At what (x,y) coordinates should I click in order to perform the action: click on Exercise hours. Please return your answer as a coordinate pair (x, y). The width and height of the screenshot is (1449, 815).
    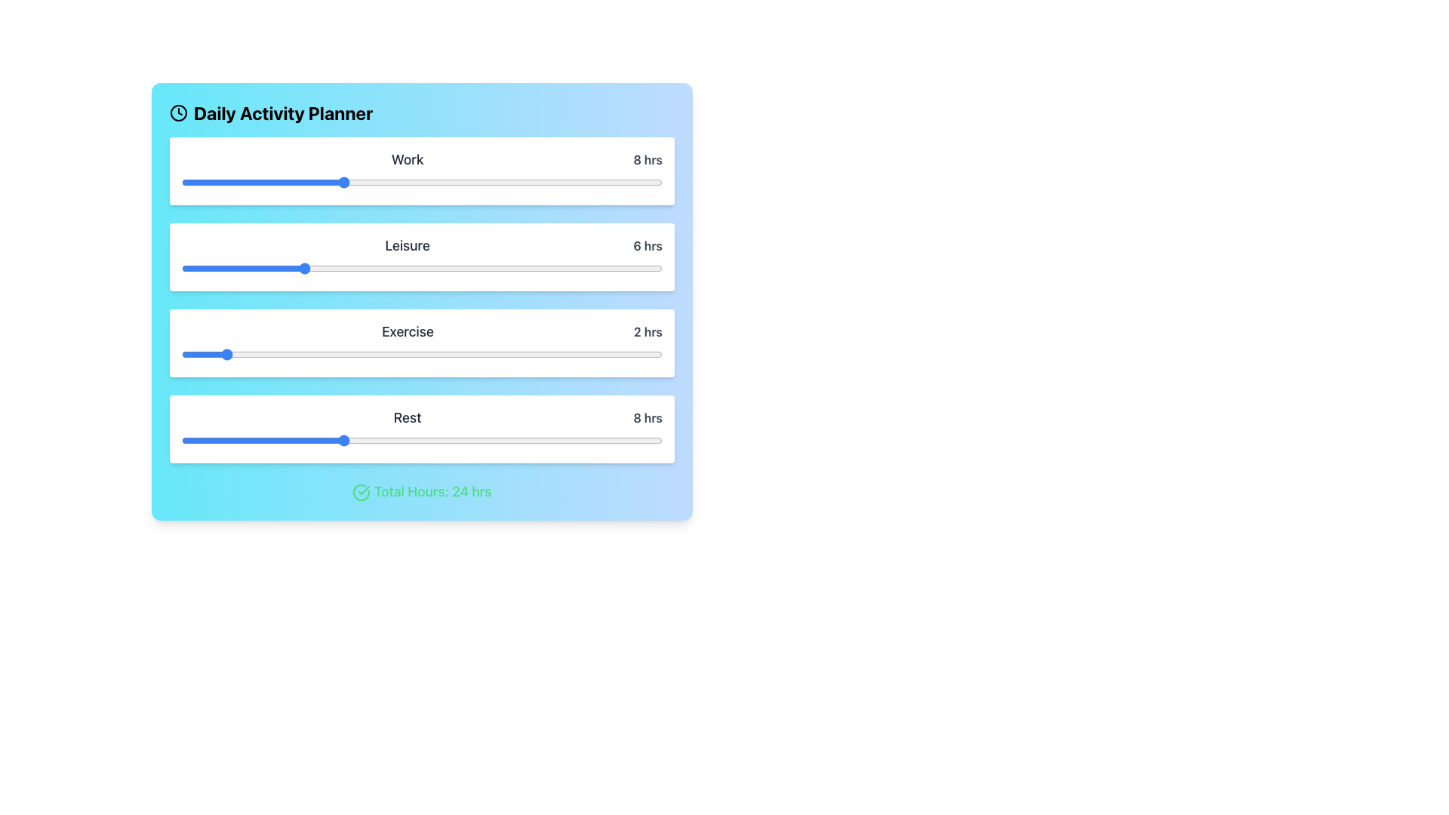
    Looking at the image, I should click on (262, 355).